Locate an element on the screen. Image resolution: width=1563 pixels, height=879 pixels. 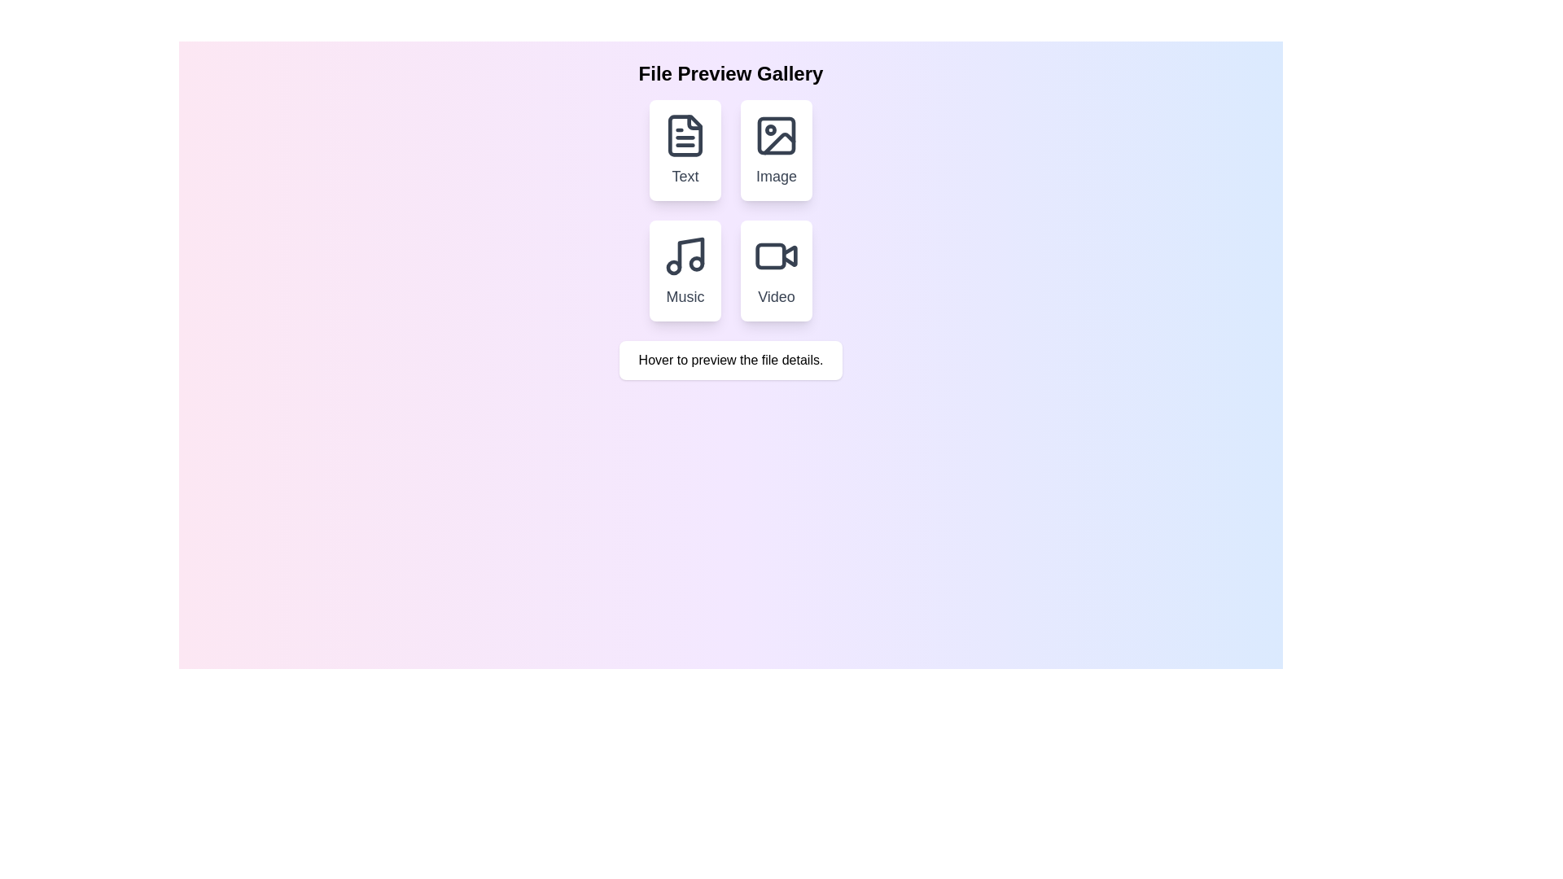
the video play icon located within the 'Video' section of the 2x2 grid layout to trigger actions related to video content is located at coordinates (789, 255).